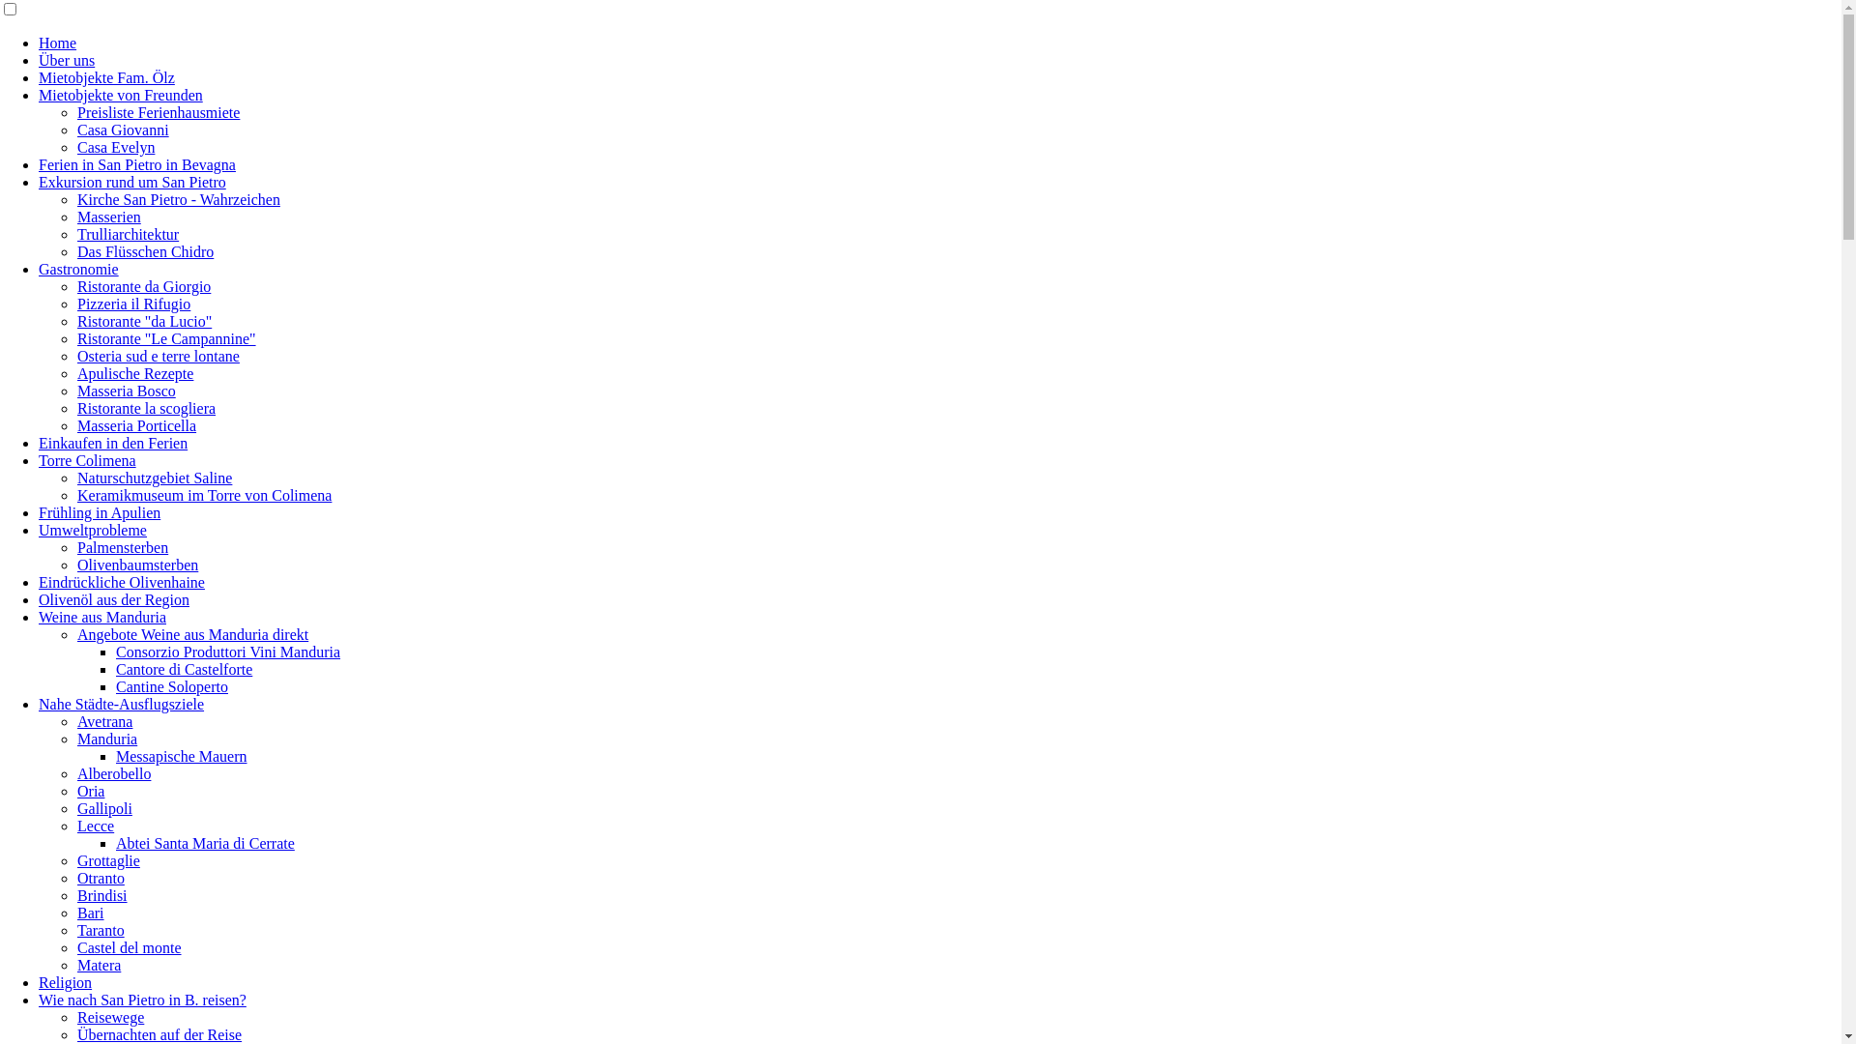 The image size is (1856, 1044). What do you see at coordinates (103, 721) in the screenshot?
I see `'Avetrana'` at bounding box center [103, 721].